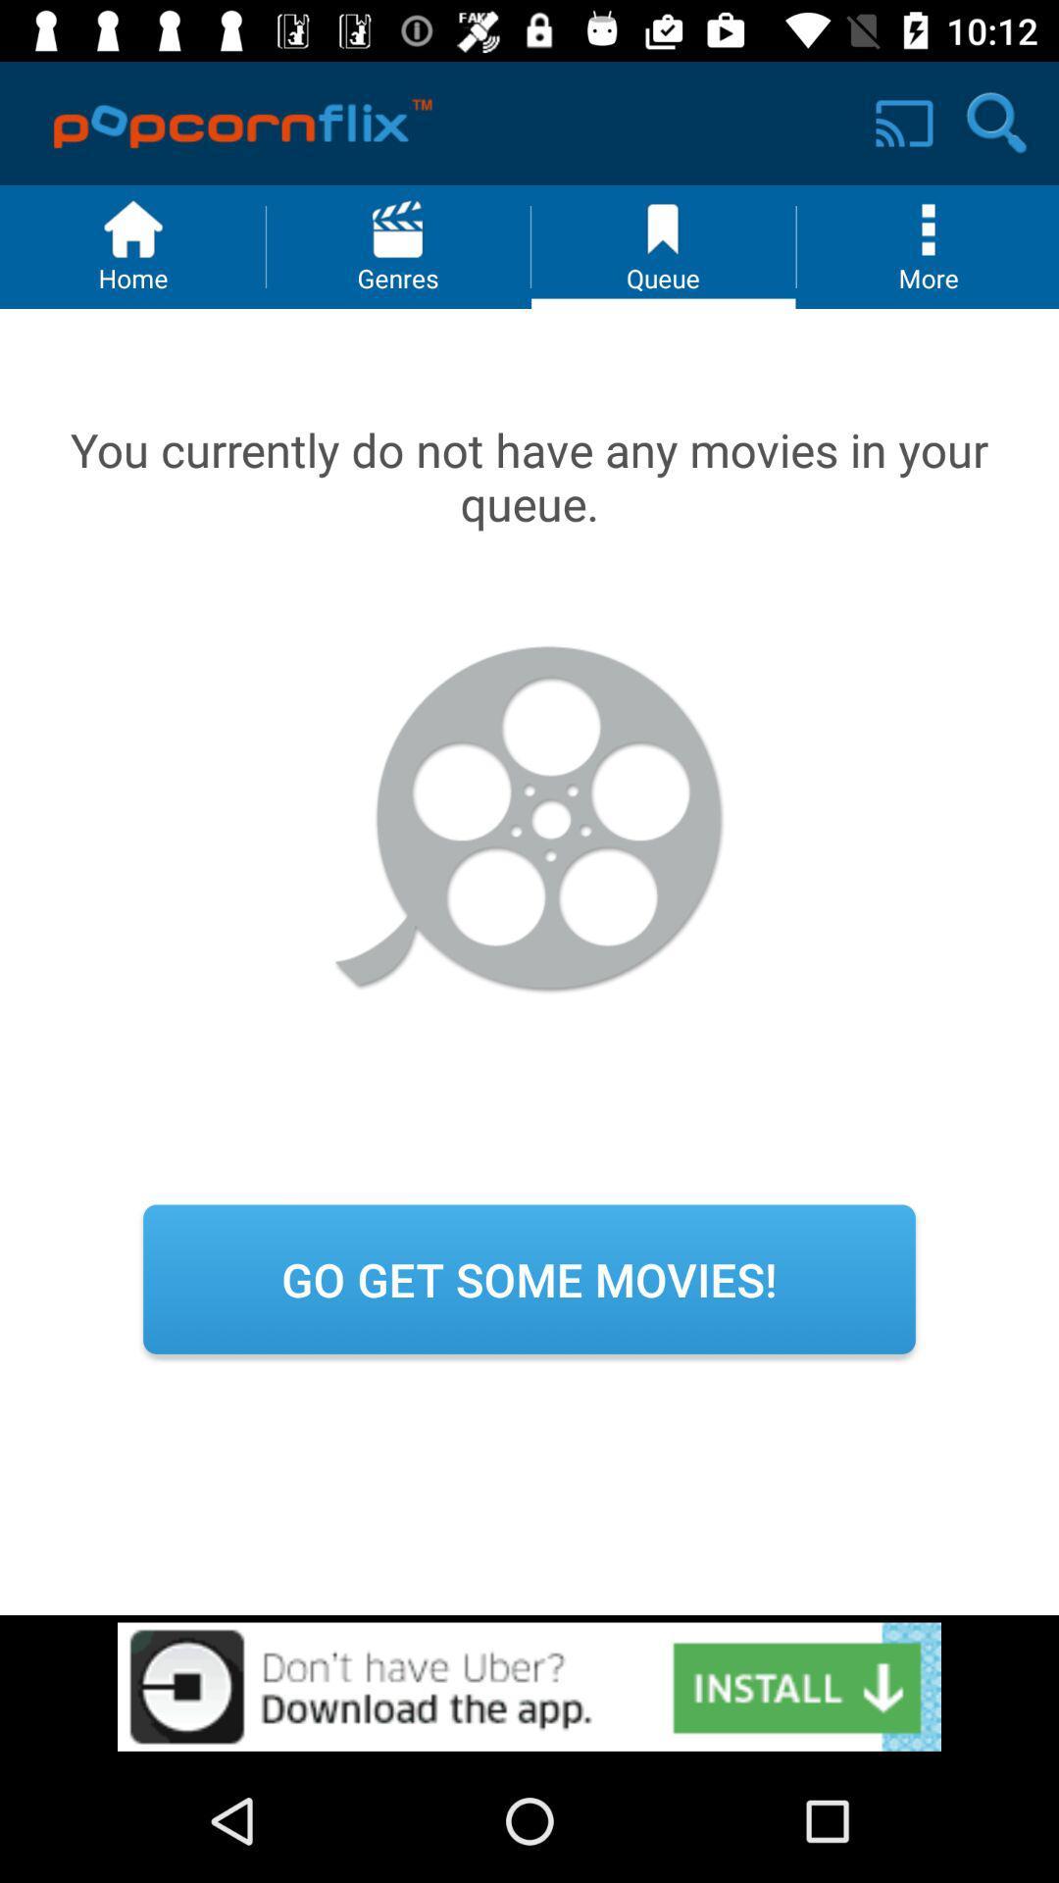 This screenshot has height=1883, width=1059. I want to click on symbol above generes, so click(397, 229).